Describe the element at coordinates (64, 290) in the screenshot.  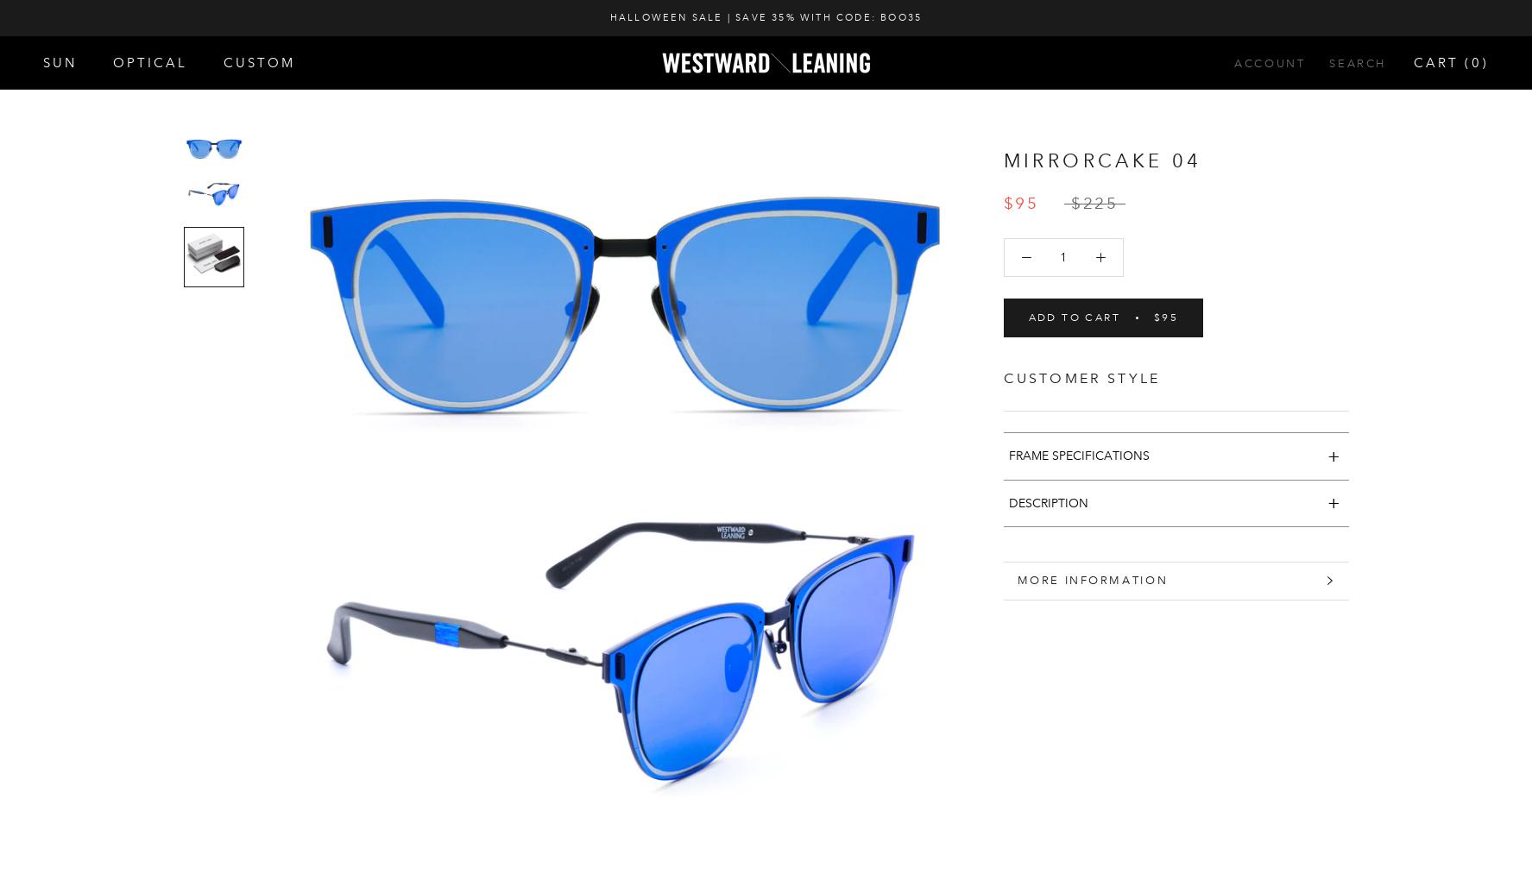
I see `'Sale'` at that location.